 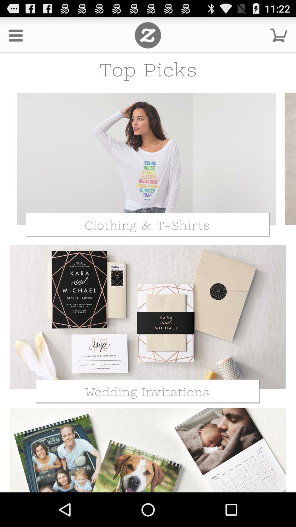 I want to click on open clothing t-shirts, so click(x=146, y=159).